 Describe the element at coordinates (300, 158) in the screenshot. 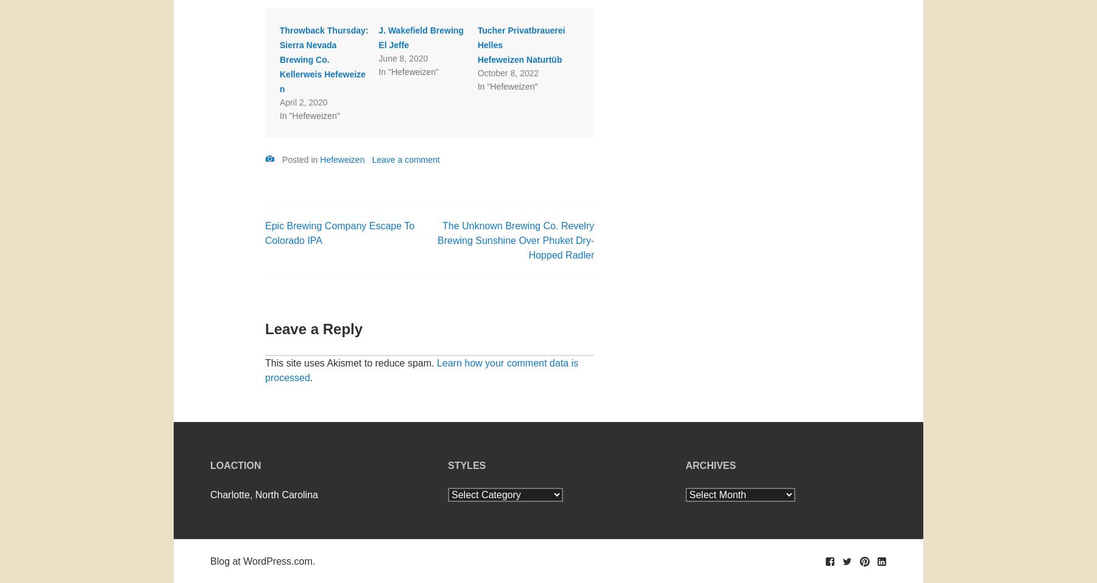

I see `'Posted in'` at that location.